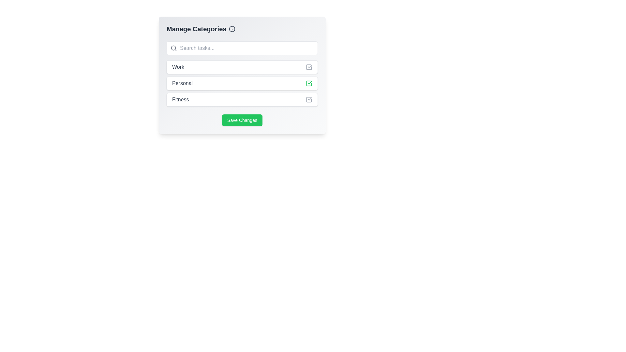  What do you see at coordinates (242, 75) in the screenshot?
I see `the selectable category labeled 'Personal' in the list` at bounding box center [242, 75].